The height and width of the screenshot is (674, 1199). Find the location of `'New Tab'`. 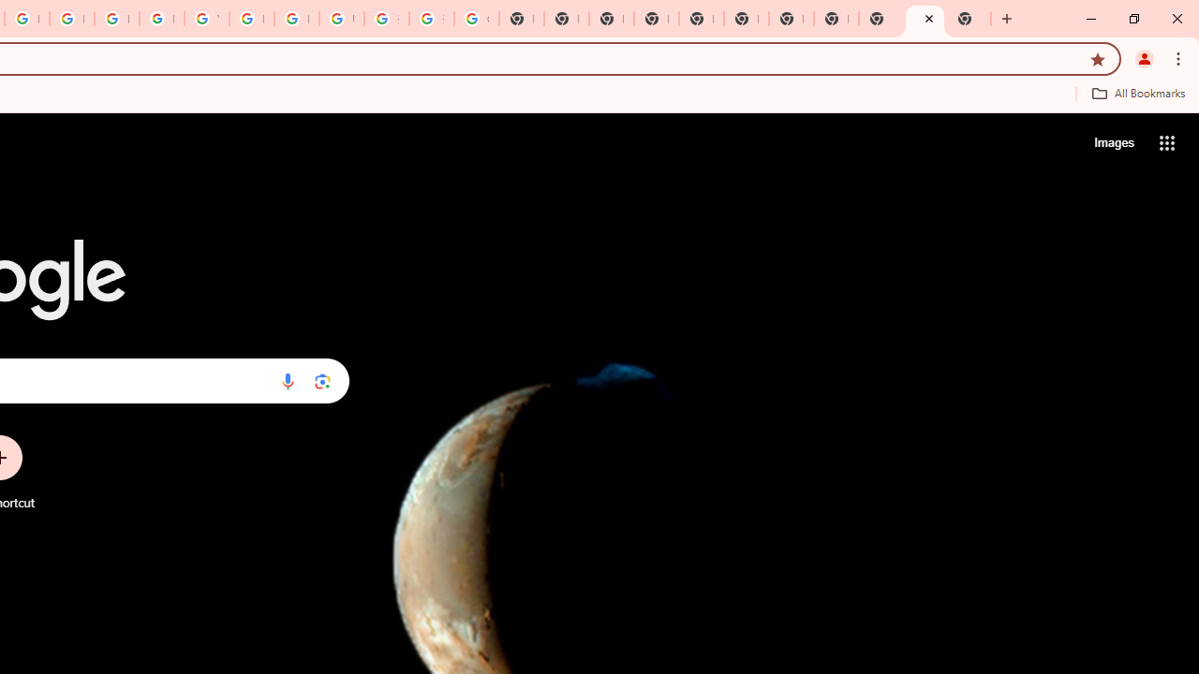

'New Tab' is located at coordinates (969, 19).